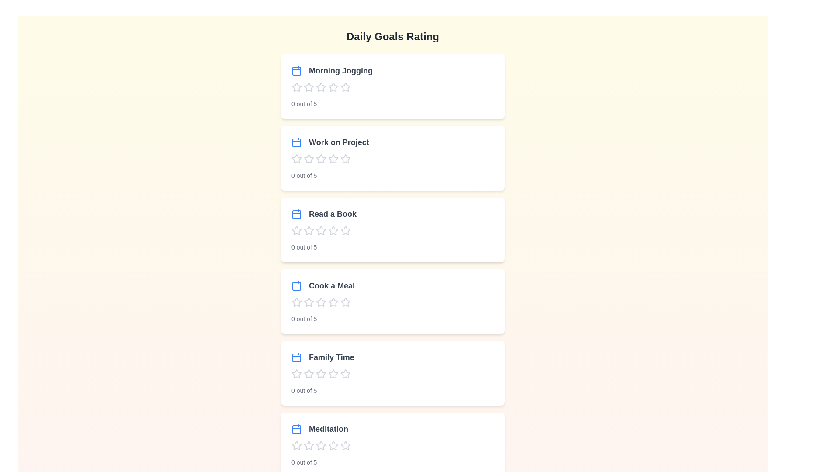  I want to click on the goal title corresponding to Meditation, so click(319, 429).